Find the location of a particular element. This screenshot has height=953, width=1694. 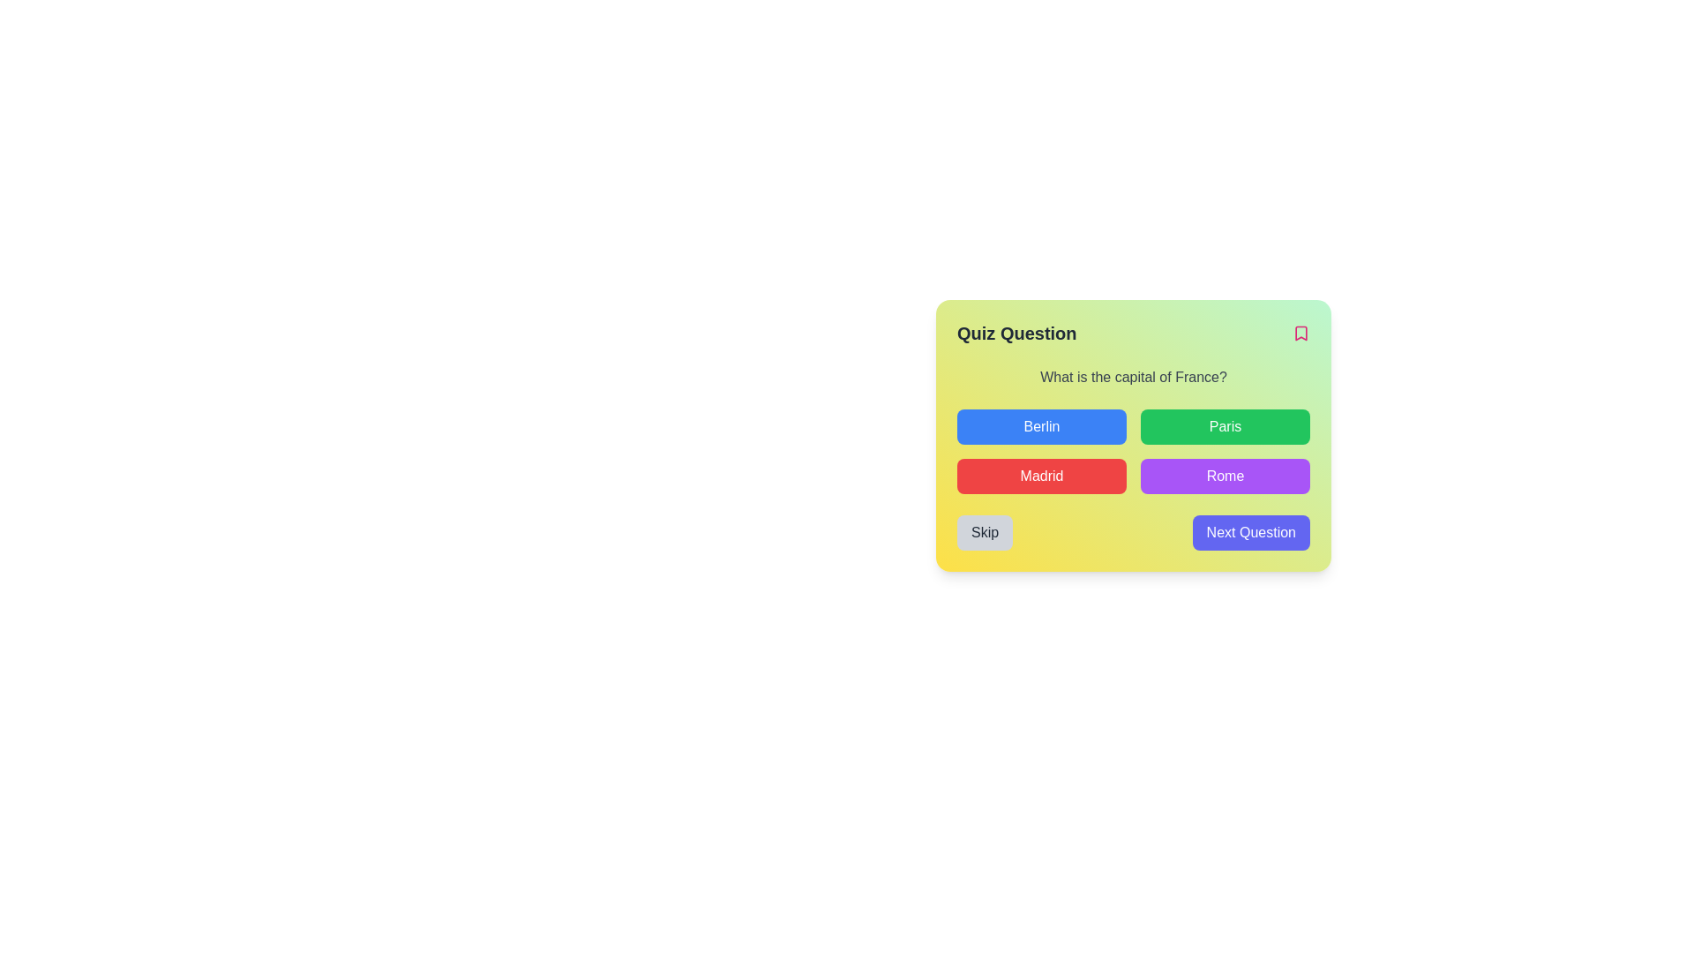

the 'Rome' button in the lower right of the 2x2 grid is located at coordinates (1224, 476).